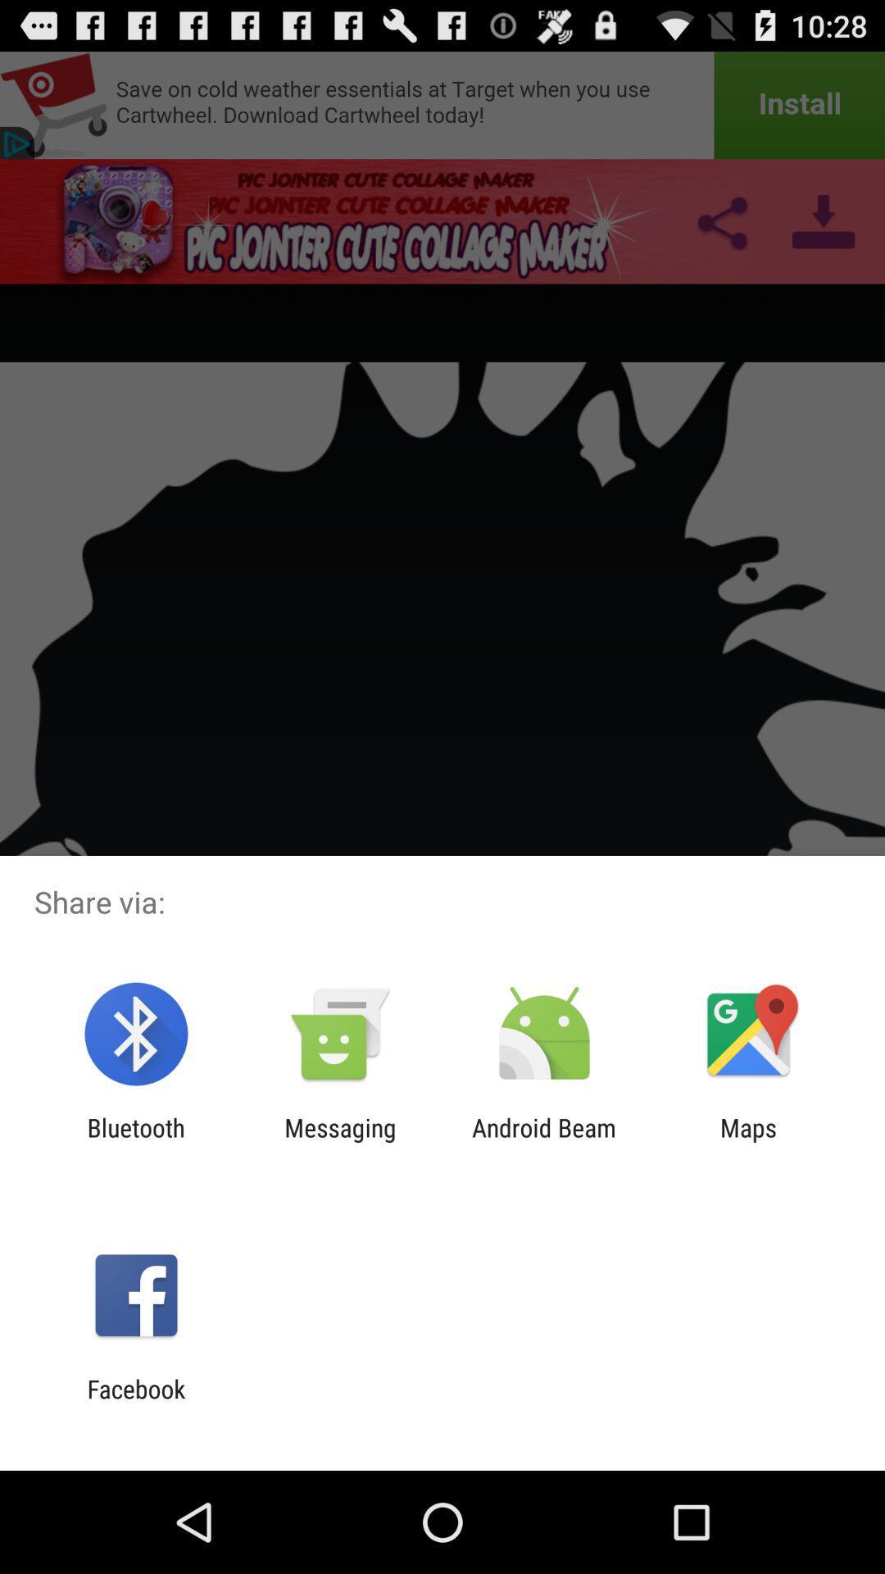 The height and width of the screenshot is (1574, 885). I want to click on the item to the left of android beam item, so click(339, 1141).